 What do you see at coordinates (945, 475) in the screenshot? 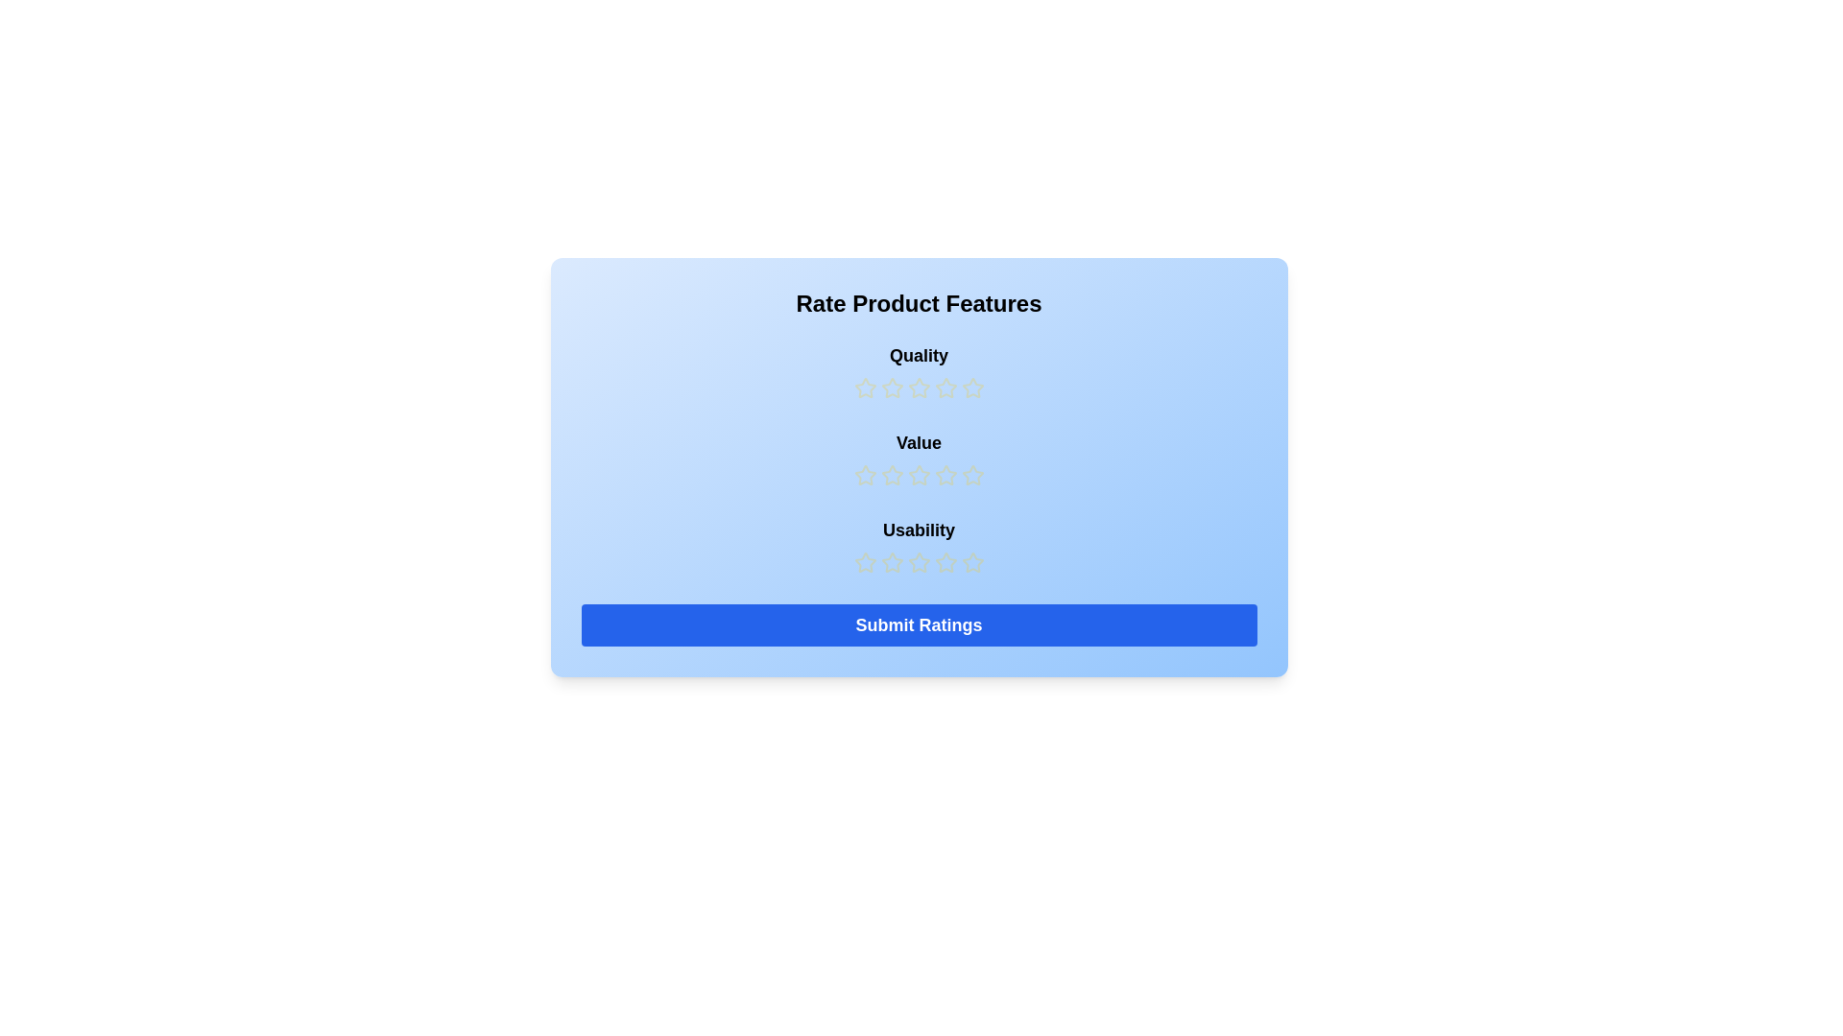
I see `the star corresponding to the 4 rating for 'Value'` at bounding box center [945, 475].